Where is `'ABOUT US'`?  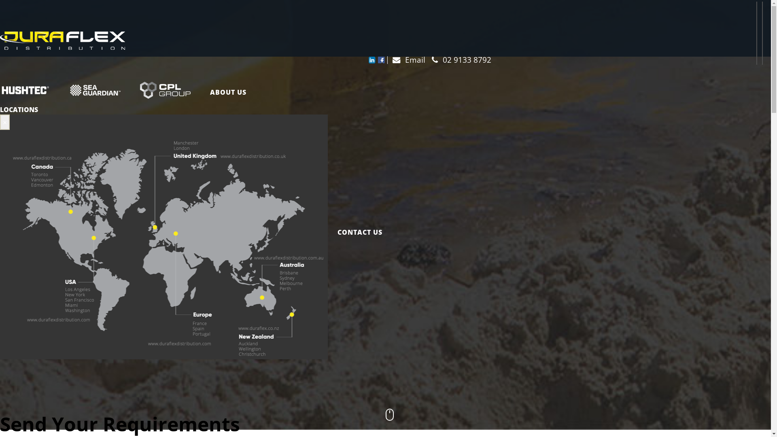 'ABOUT US' is located at coordinates (228, 91).